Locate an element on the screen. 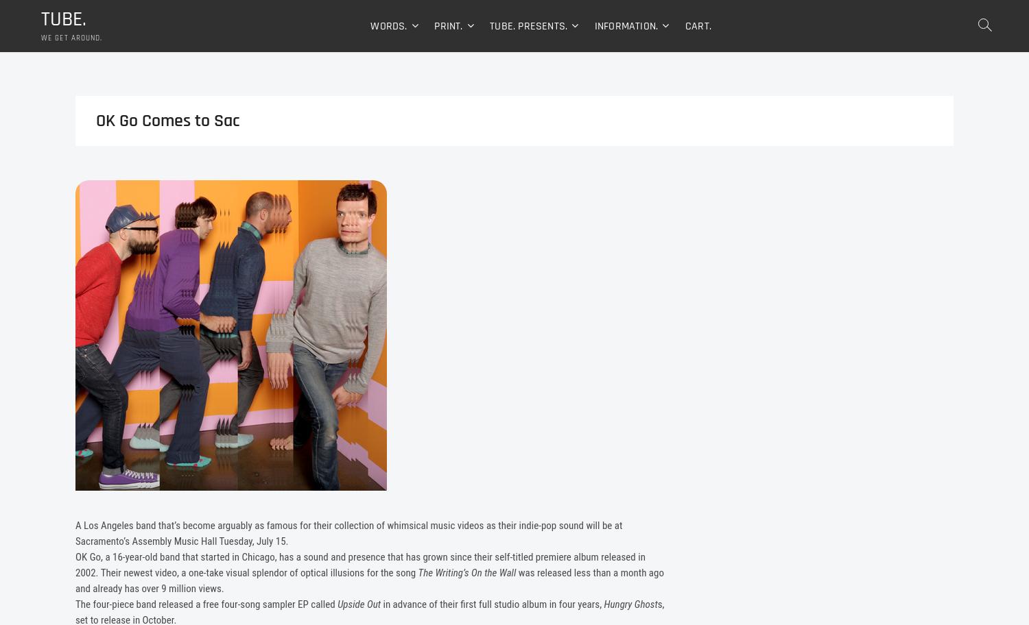  'The Writing’s On the Wall' is located at coordinates (466, 574).